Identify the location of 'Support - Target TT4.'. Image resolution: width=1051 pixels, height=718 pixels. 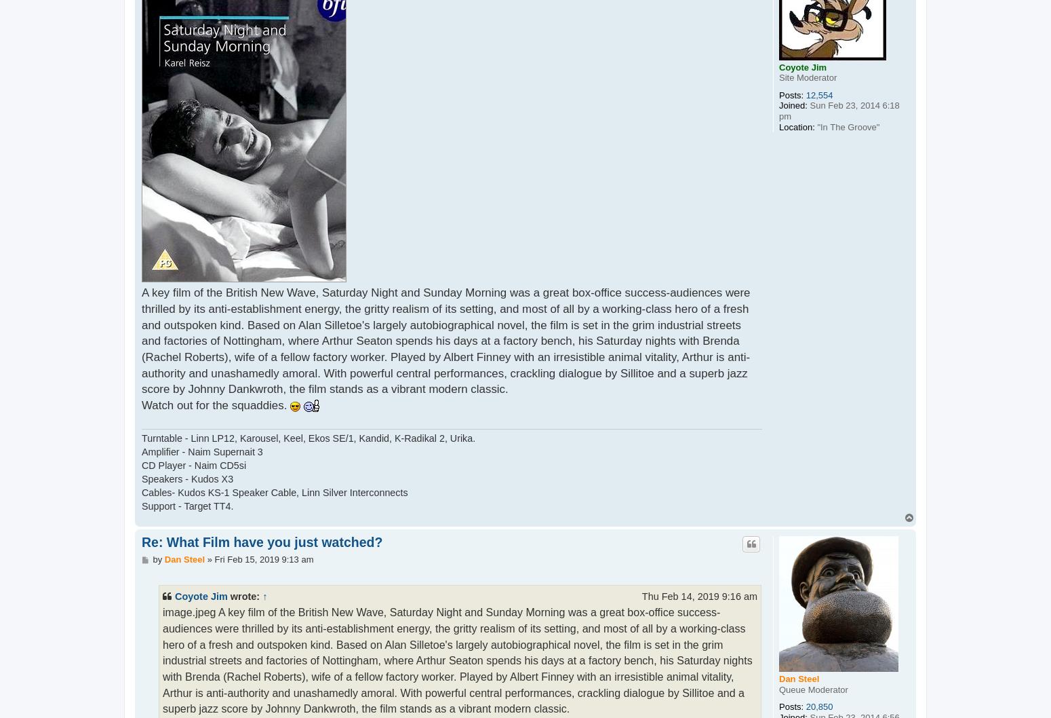
(140, 506).